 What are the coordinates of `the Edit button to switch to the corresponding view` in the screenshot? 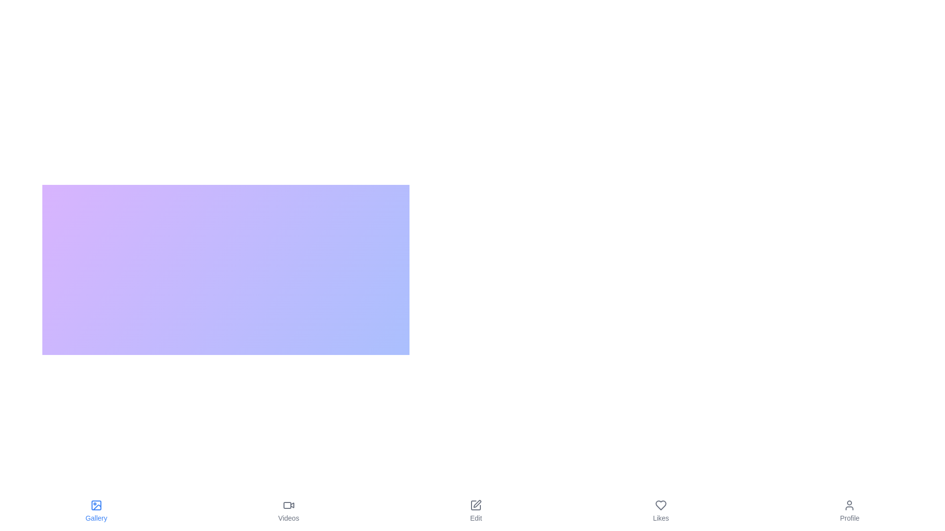 It's located at (475, 511).